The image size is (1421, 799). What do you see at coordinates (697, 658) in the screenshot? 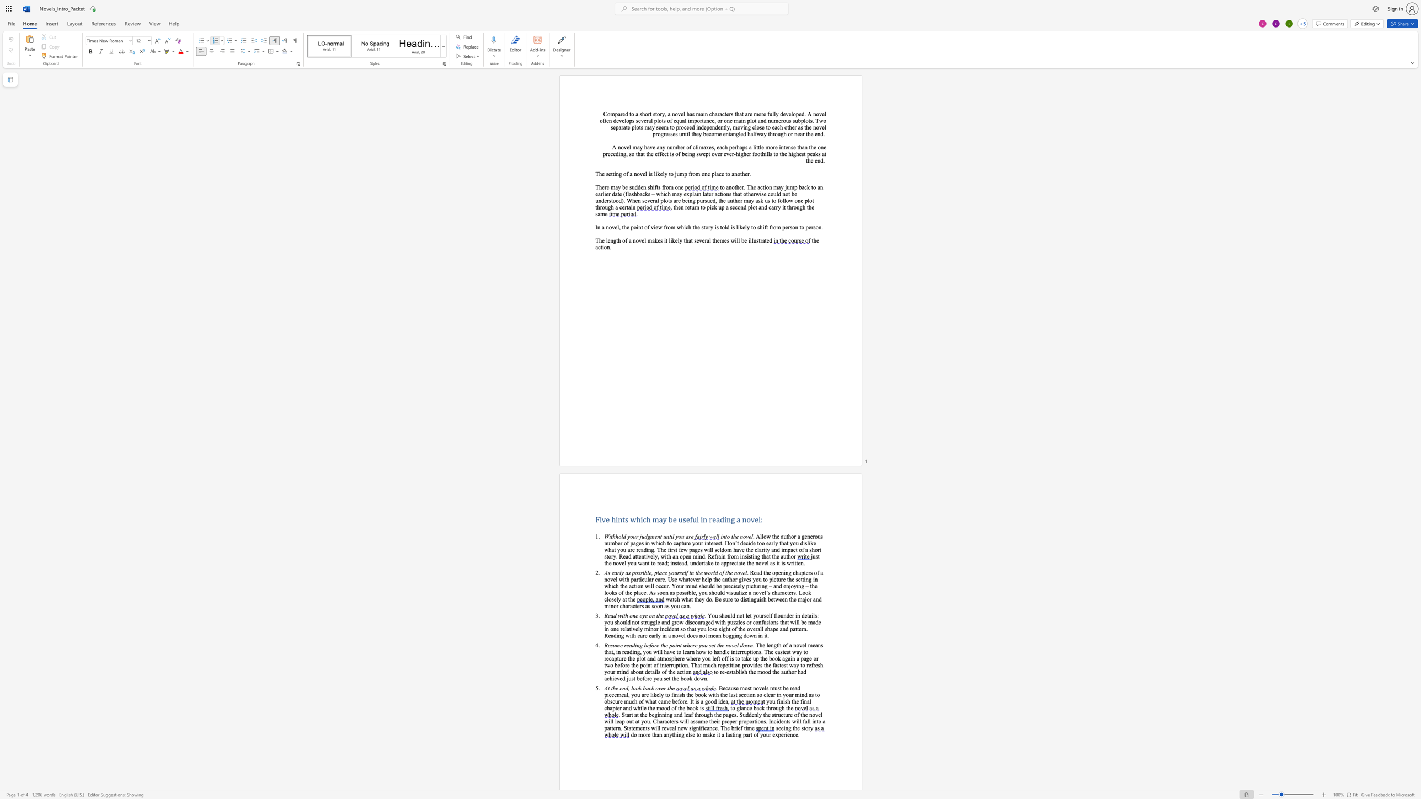
I see `the 8th character "r" in the text` at bounding box center [697, 658].